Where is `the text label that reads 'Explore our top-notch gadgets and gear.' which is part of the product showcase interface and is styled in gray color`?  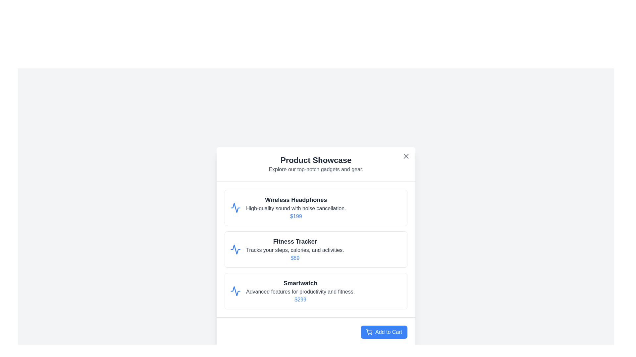 the text label that reads 'Explore our top-notch gadgets and gear.' which is part of the product showcase interface and is styled in gray color is located at coordinates (316, 169).